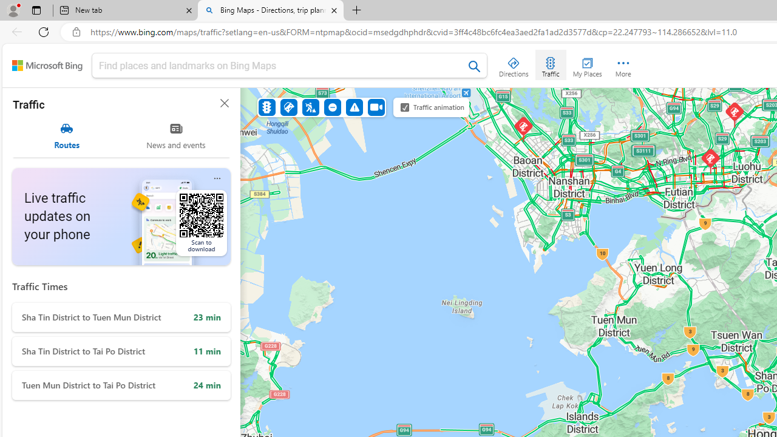 The height and width of the screenshot is (437, 777). What do you see at coordinates (332, 106) in the screenshot?
I see `'Road Closures'` at bounding box center [332, 106].